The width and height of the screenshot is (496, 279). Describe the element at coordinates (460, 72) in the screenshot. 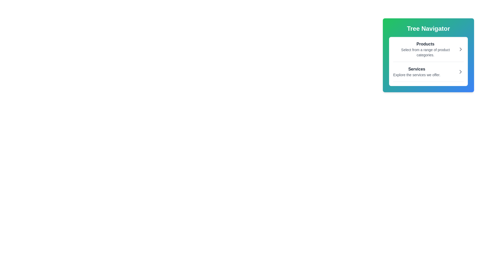

I see `the SVG icon representing the clickable navigation action for the 'Services' item located in the bottom list item under 'Tree Navigator'` at that location.